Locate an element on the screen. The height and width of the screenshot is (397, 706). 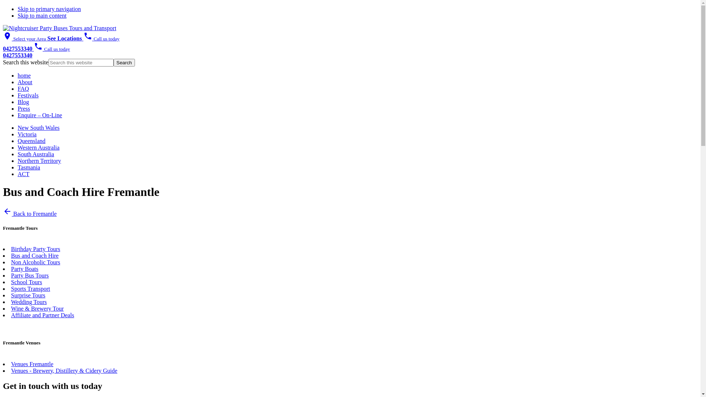
'School Tours' is located at coordinates (26, 282).